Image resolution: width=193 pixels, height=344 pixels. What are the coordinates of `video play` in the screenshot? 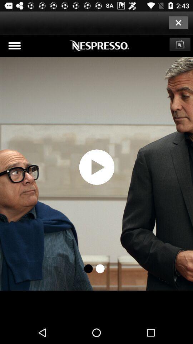 It's located at (96, 178).